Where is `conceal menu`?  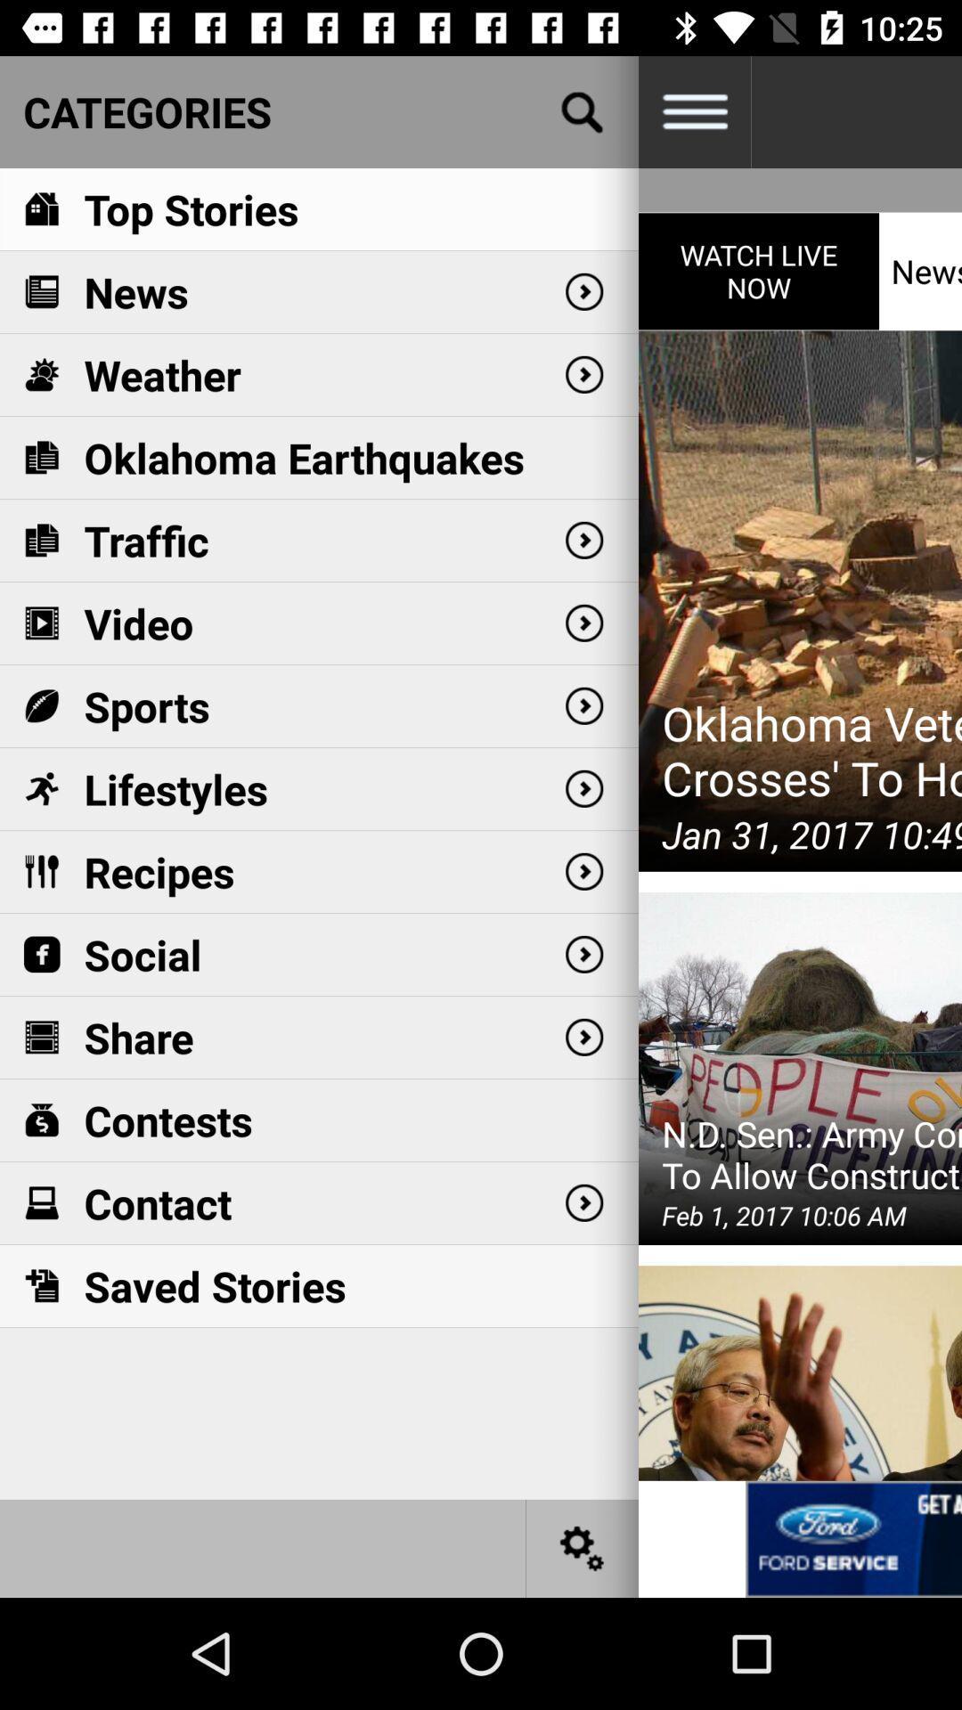
conceal menu is located at coordinates (693, 110).